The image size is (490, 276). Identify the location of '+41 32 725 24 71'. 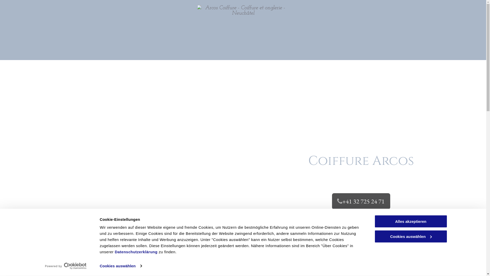
(361, 201).